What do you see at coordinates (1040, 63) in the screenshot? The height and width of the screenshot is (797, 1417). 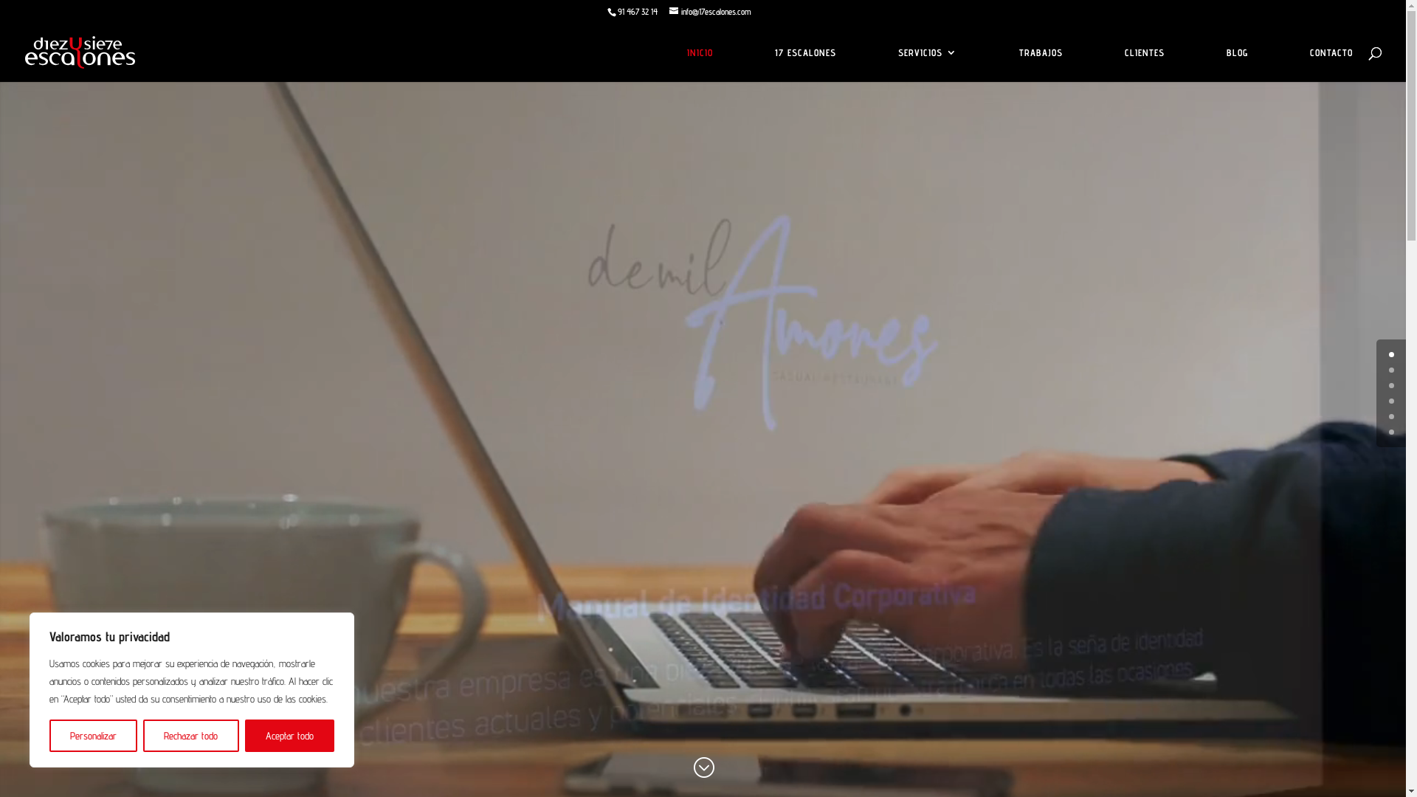 I see `'TRABAJOS'` at bounding box center [1040, 63].